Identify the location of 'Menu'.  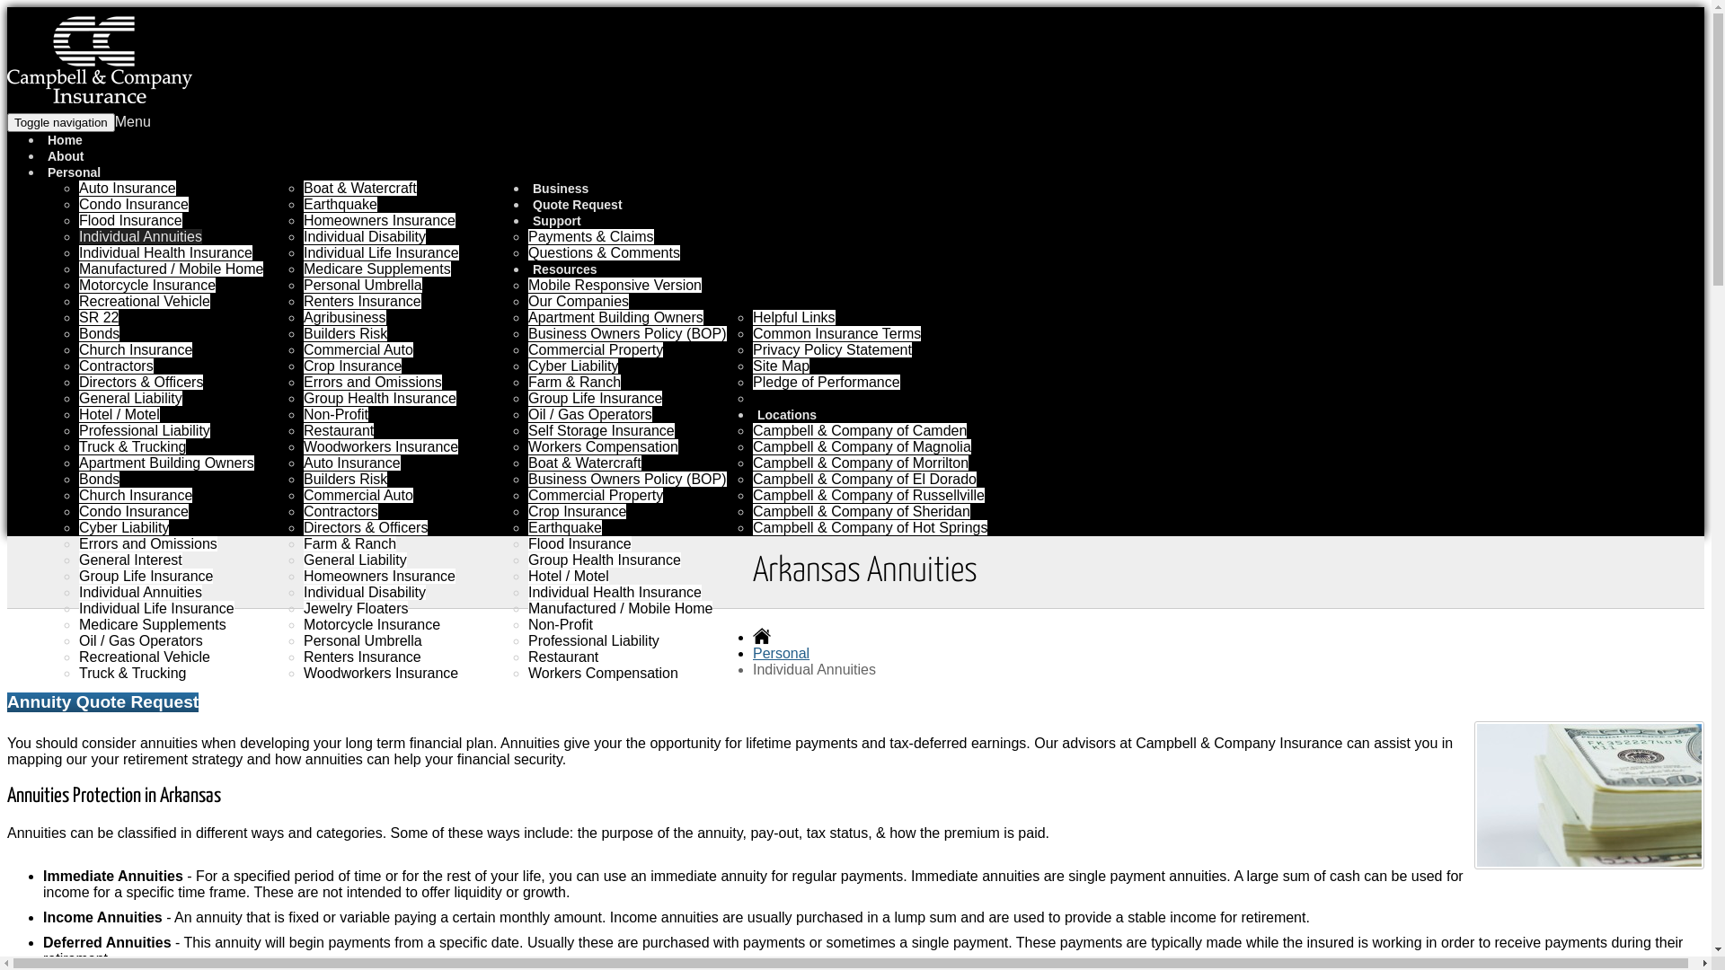
(132, 121).